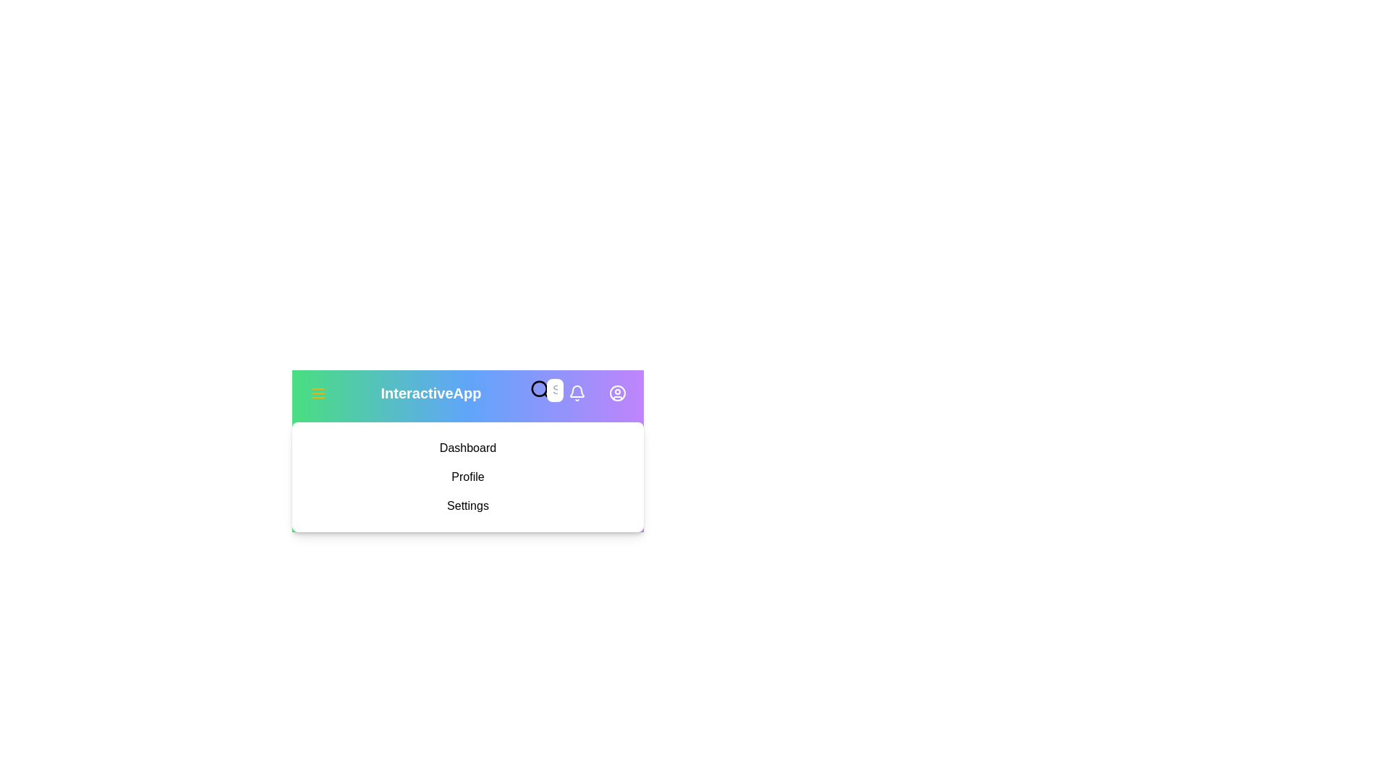  What do you see at coordinates (468, 505) in the screenshot?
I see `the menu item Settings from the sidebar` at bounding box center [468, 505].